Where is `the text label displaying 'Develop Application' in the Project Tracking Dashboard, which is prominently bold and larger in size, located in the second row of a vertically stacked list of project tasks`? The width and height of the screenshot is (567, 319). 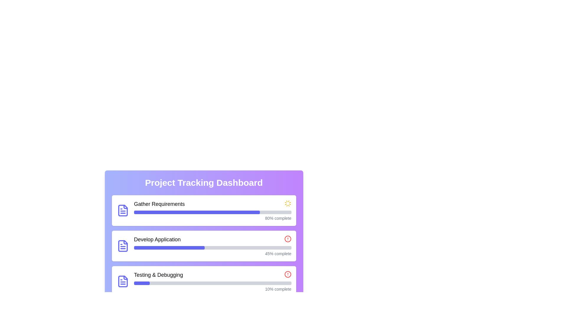
the text label displaying 'Develop Application' in the Project Tracking Dashboard, which is prominently bold and larger in size, located in the second row of a vertically stacked list of project tasks is located at coordinates (157, 239).